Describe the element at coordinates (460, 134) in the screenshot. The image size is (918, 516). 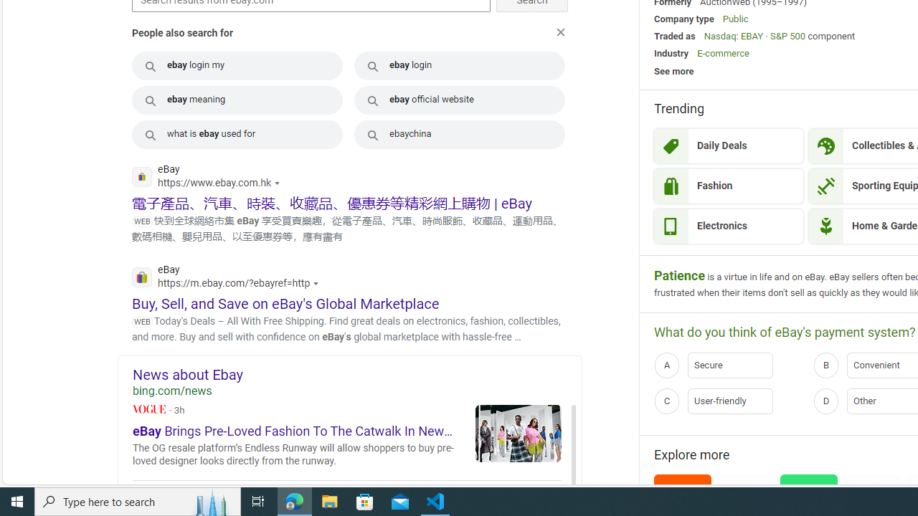
I see `'ebaychina'` at that location.